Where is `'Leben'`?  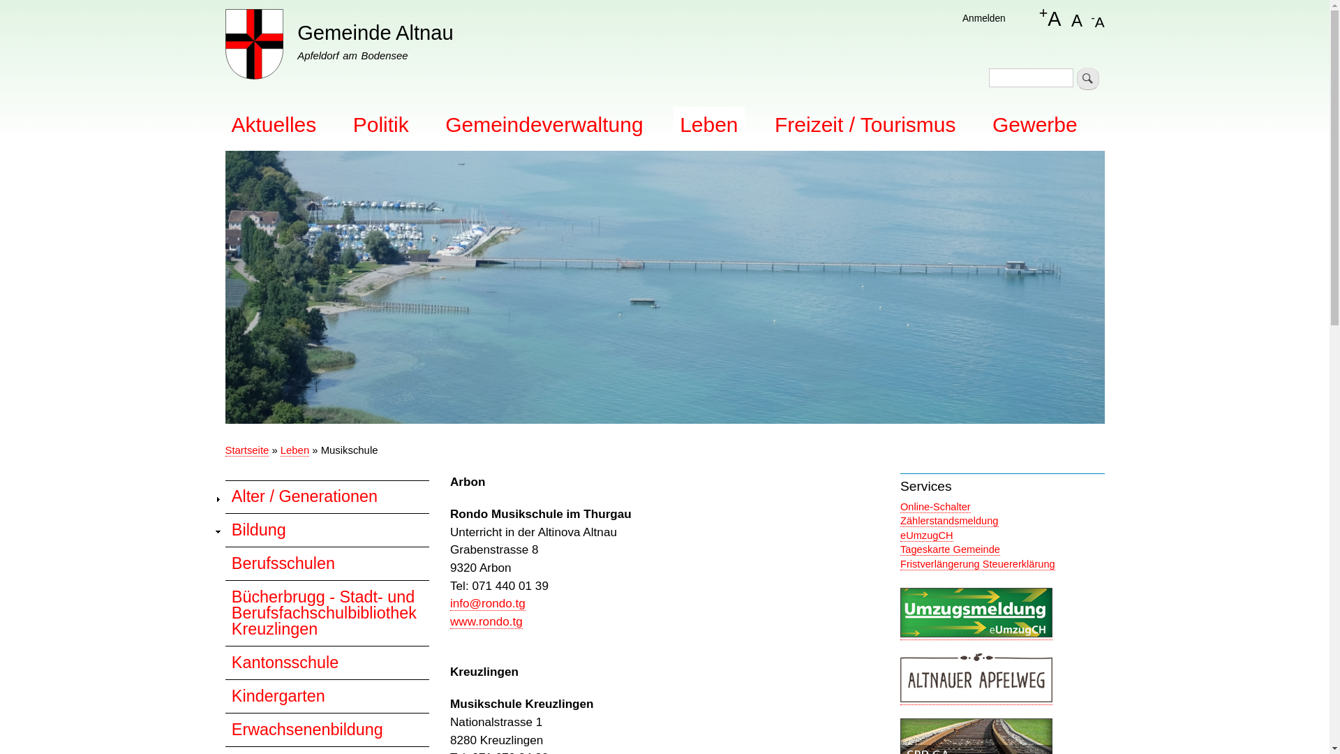 'Leben' is located at coordinates (294, 450).